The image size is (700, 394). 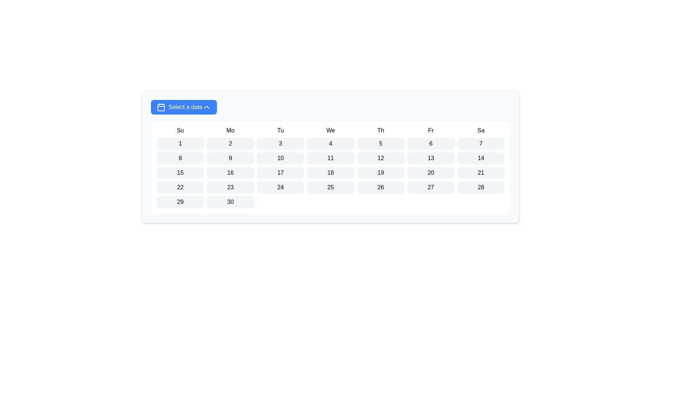 I want to click on the button displaying the number '28' in the last column of the fifth row of the calendar grid, so click(x=481, y=187).